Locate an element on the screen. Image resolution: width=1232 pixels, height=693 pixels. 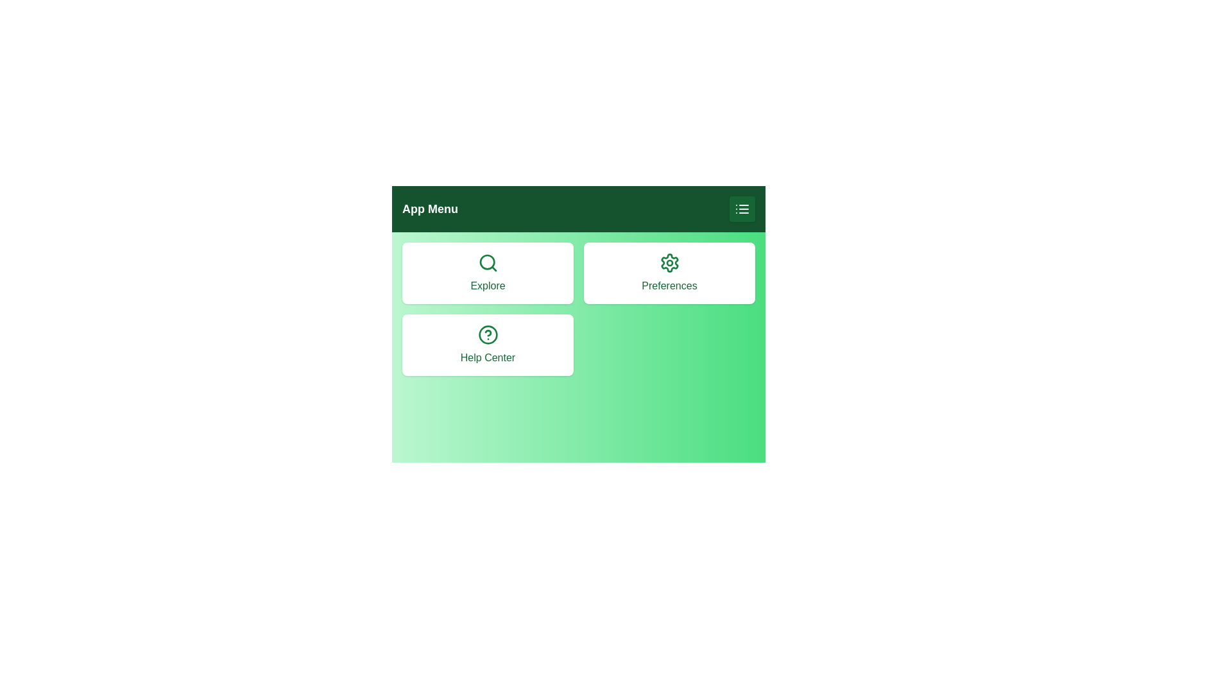
the 'Help Center' button to navigate to the Help Center section is located at coordinates (487, 344).